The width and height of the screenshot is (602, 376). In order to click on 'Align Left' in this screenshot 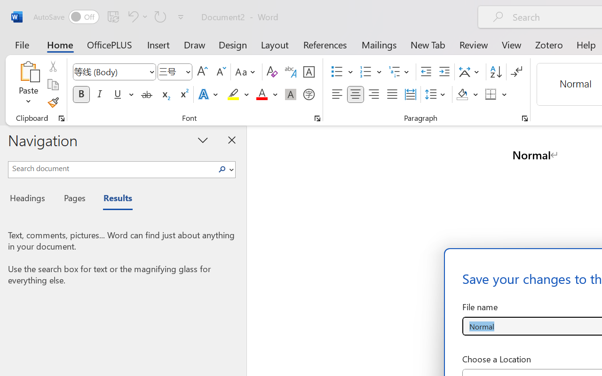, I will do `click(337, 94)`.